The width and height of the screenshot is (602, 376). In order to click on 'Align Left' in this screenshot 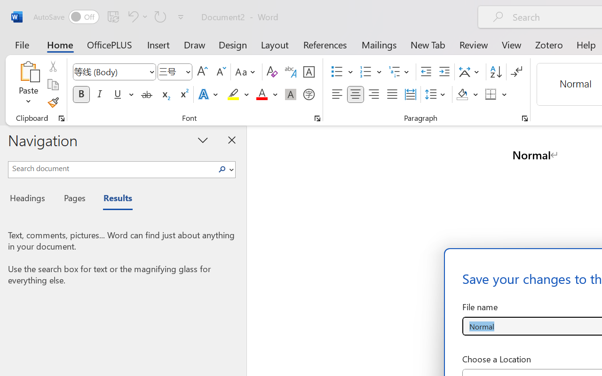, I will do `click(337, 94)`.